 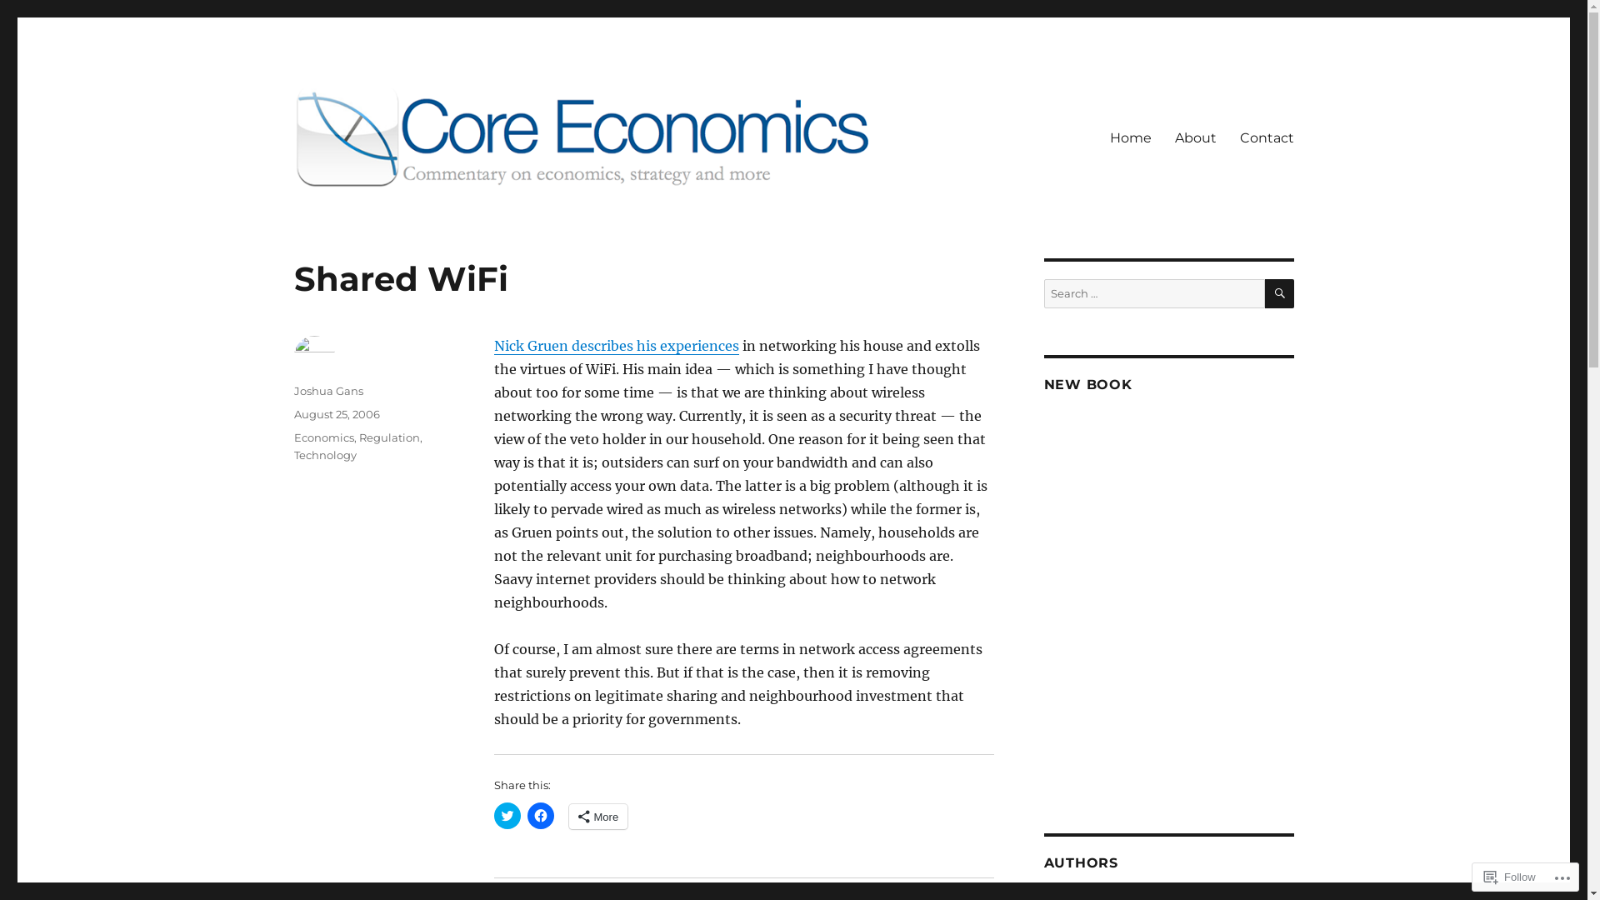 What do you see at coordinates (1195, 137) in the screenshot?
I see `'About'` at bounding box center [1195, 137].